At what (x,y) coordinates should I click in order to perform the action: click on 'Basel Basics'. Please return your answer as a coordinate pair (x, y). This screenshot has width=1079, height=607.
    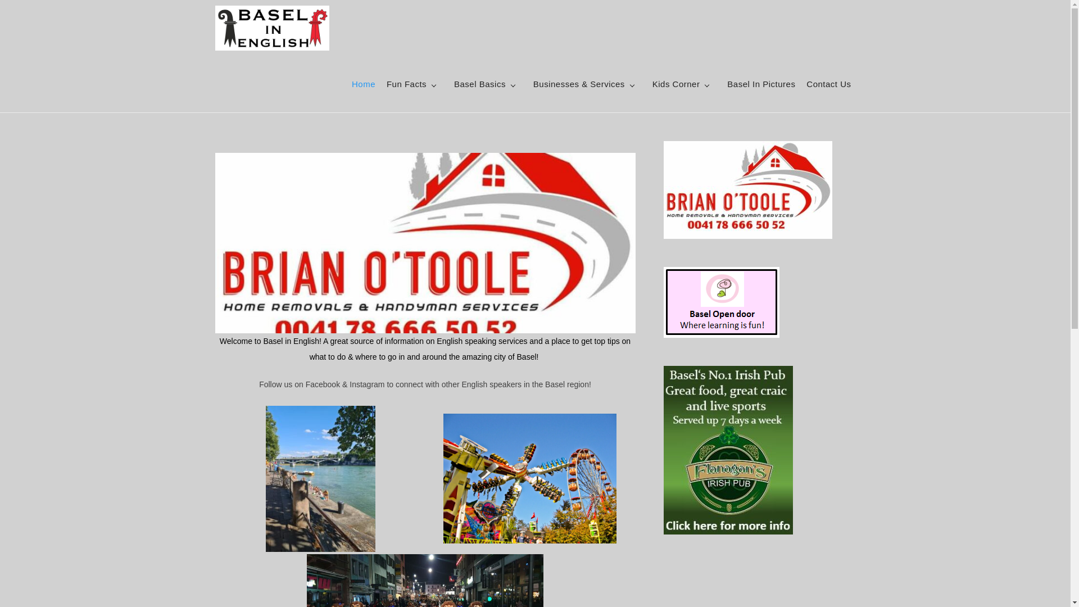
    Looking at the image, I should click on (484, 84).